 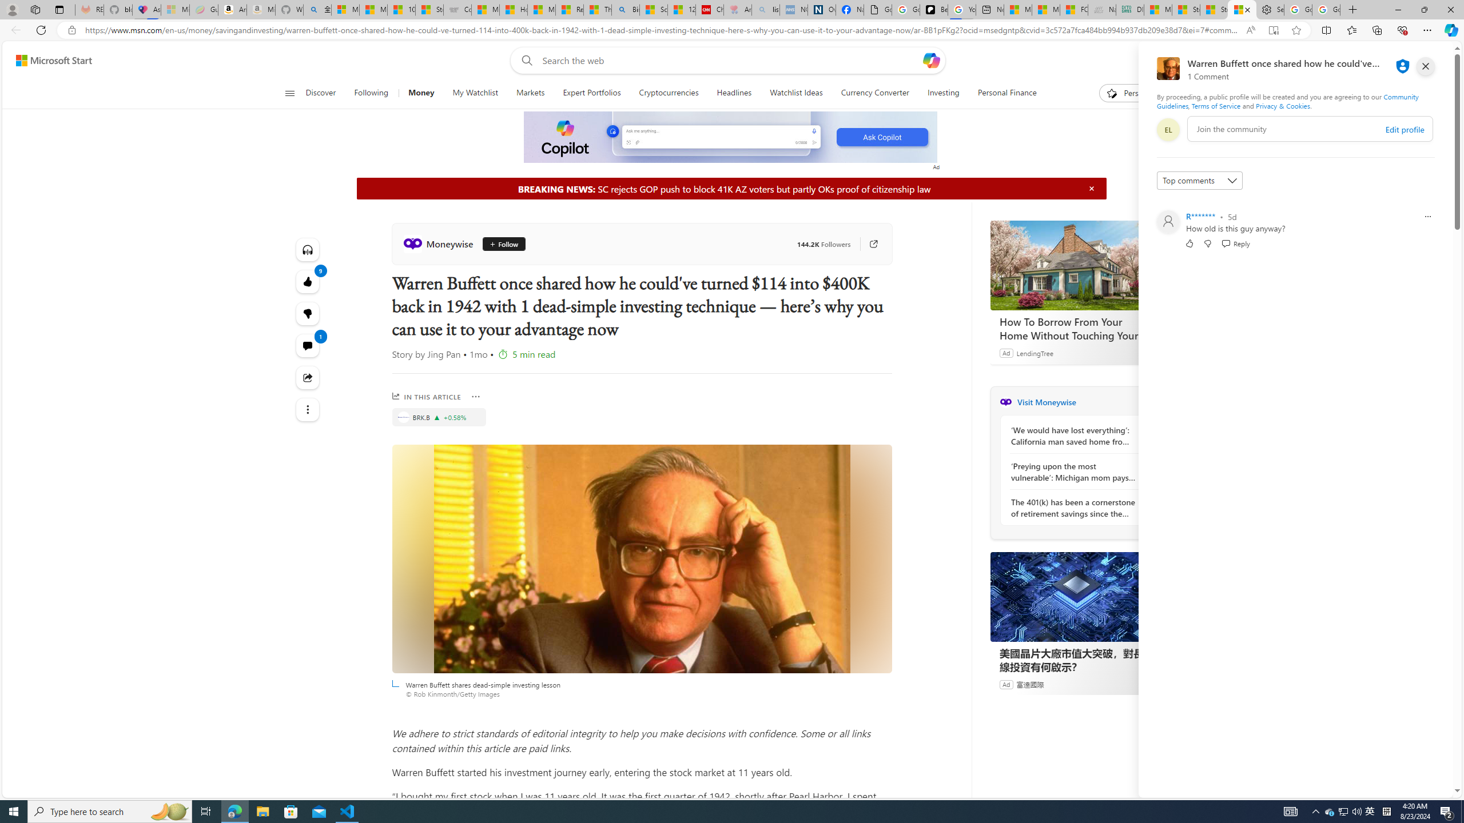 I want to click on '9 Like', so click(x=307, y=281).